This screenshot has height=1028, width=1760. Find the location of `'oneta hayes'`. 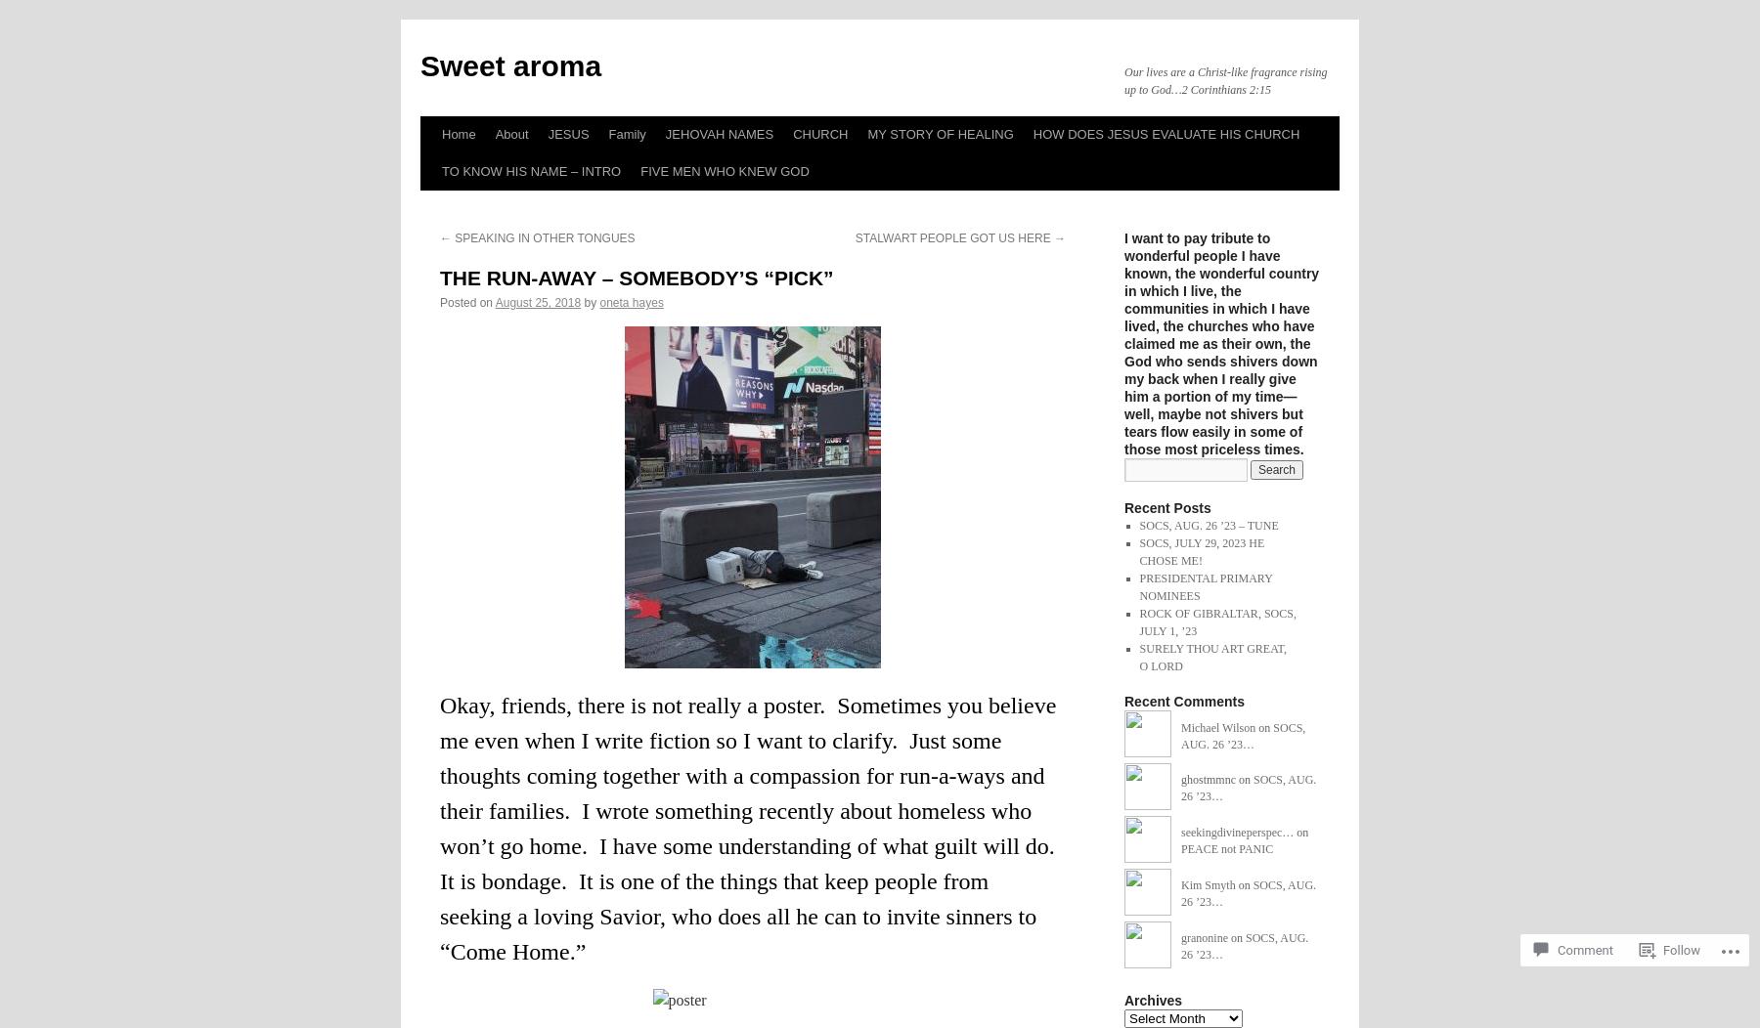

'oneta hayes' is located at coordinates (631, 302).